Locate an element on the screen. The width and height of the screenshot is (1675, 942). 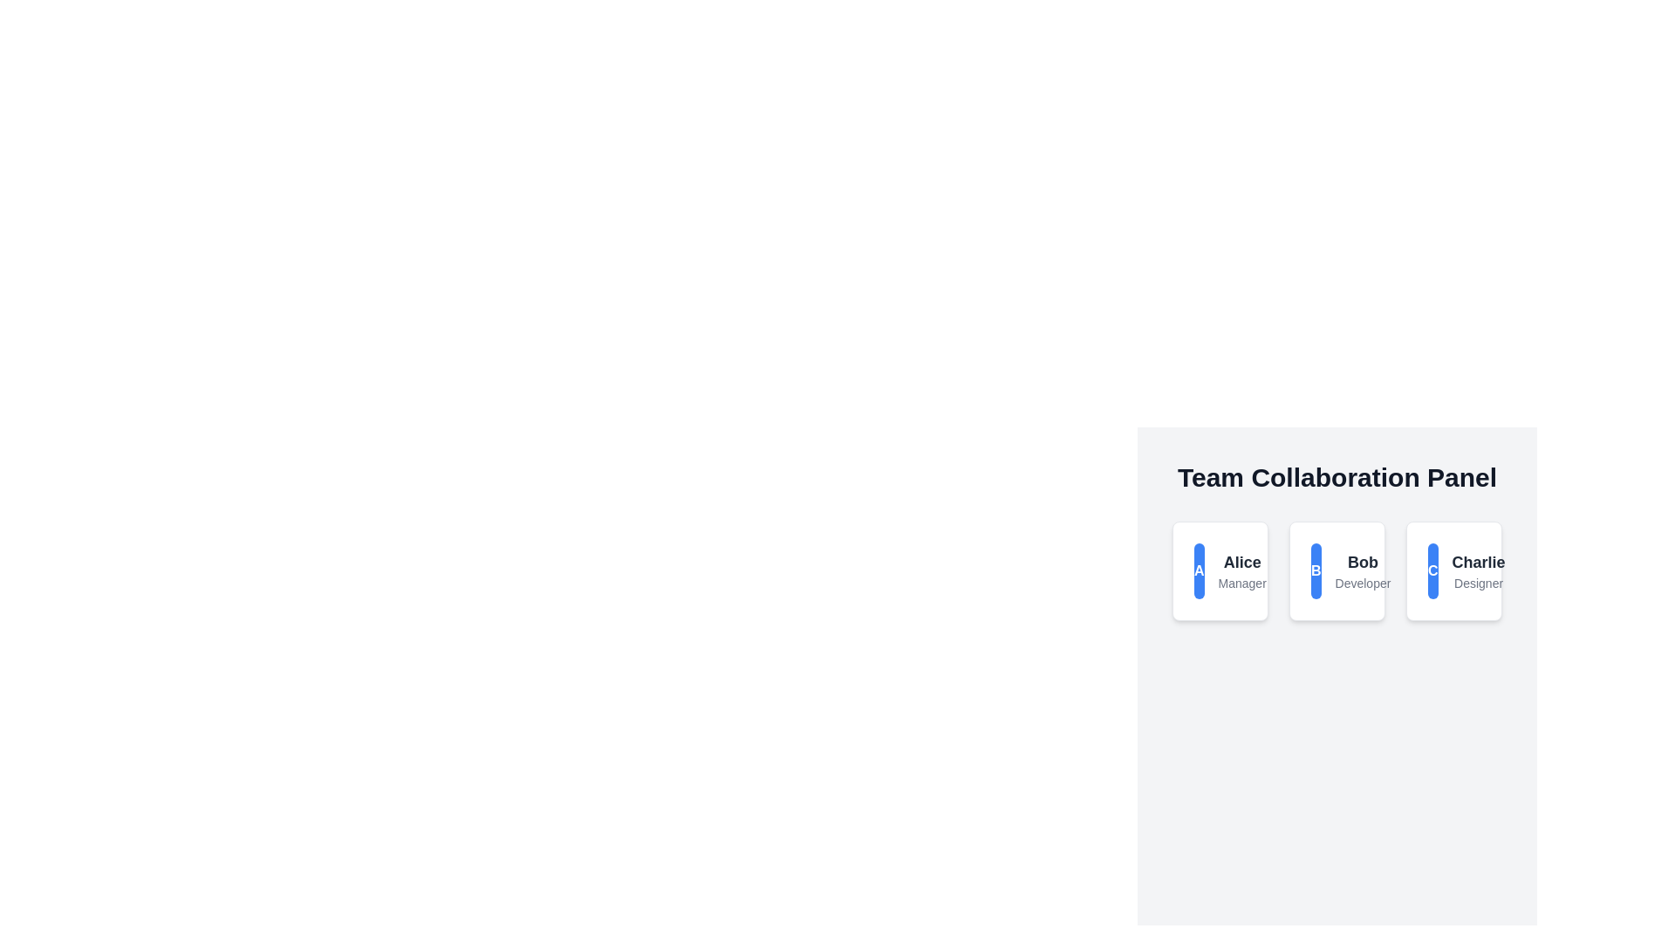
the Text display that contains the name 'Bob' in bold, large font and 'Developer' in a smaller, gray font is located at coordinates (1362, 571).